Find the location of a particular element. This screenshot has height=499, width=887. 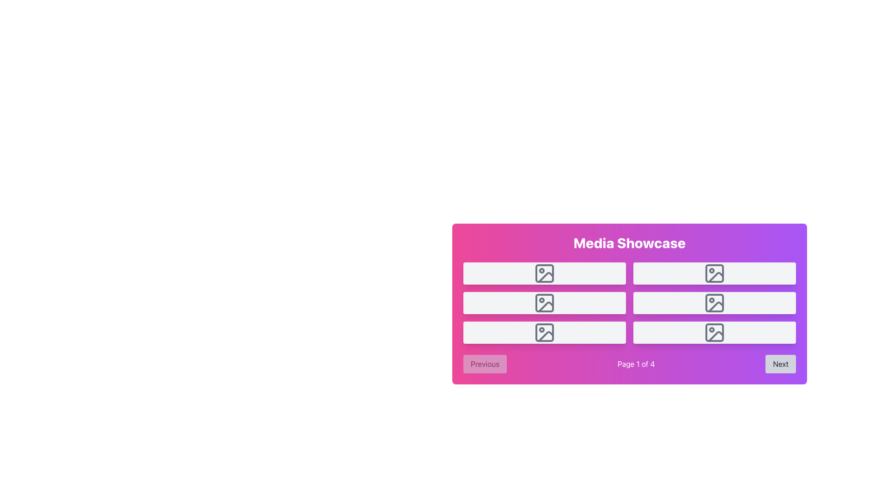

the SVG image representation that visually represents an image frame in the top-right cell under the 'Media Showcase' header is located at coordinates (714, 273).